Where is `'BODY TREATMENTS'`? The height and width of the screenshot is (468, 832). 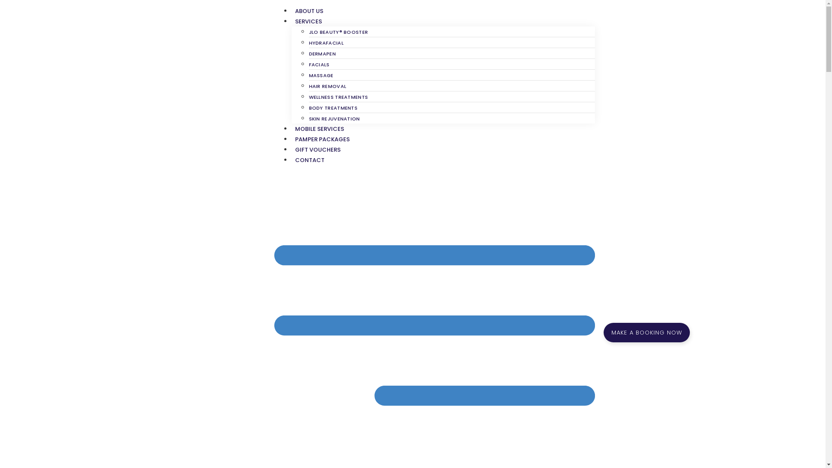
'BODY TREATMENTS' is located at coordinates (308, 107).